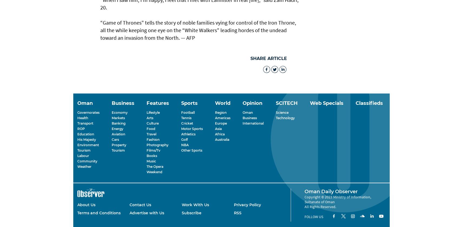 The width and height of the screenshot is (463, 227). What do you see at coordinates (253, 123) in the screenshot?
I see `'International'` at bounding box center [253, 123].